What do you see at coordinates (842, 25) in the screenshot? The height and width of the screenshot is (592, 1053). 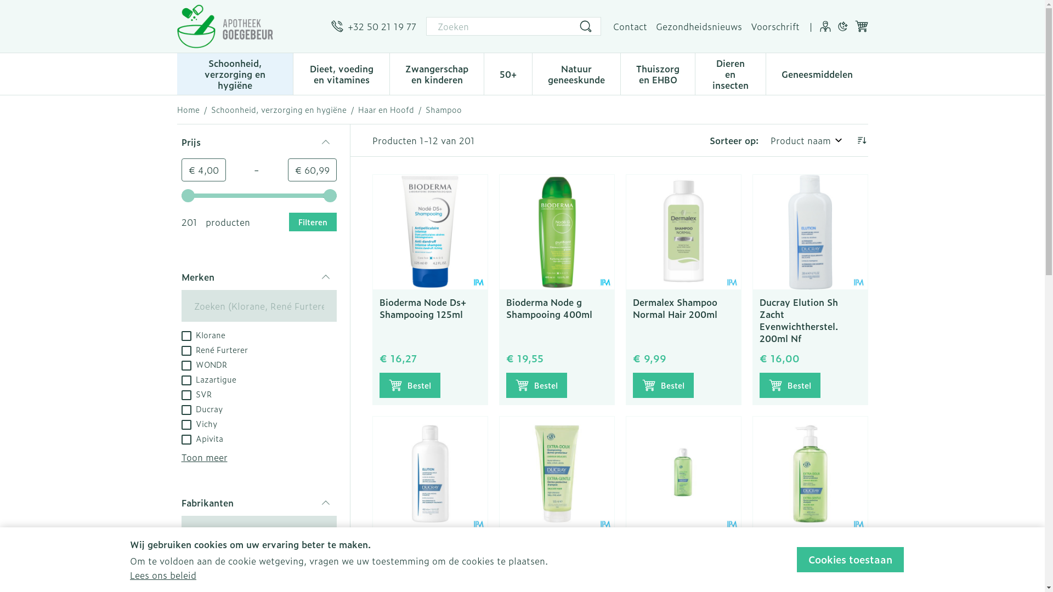 I see `'Donkere modus'` at bounding box center [842, 25].